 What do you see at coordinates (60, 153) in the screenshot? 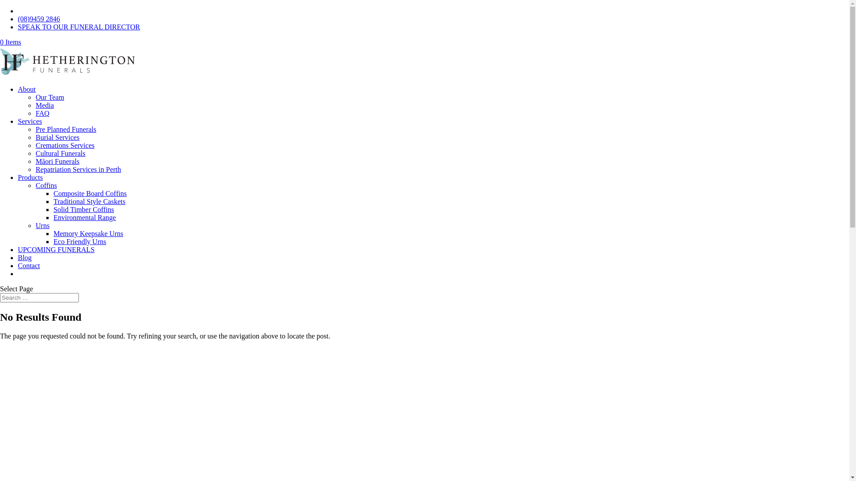
I see `'Cultural Funerals'` at bounding box center [60, 153].